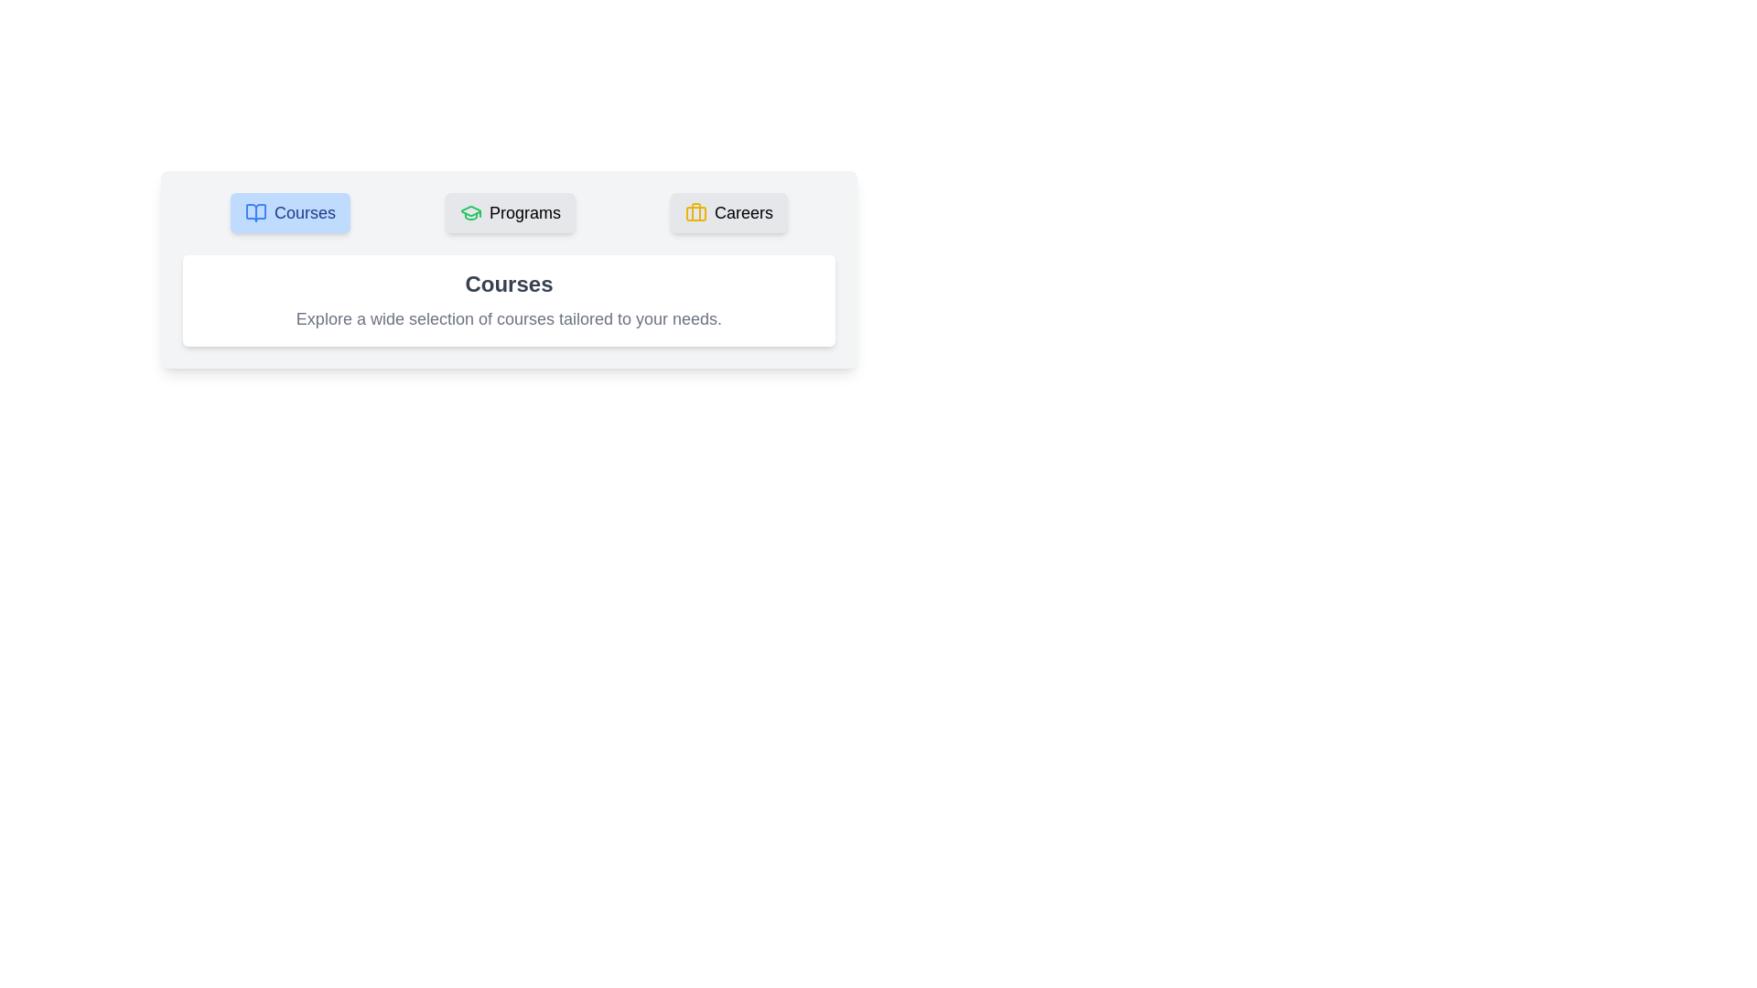 The height and width of the screenshot is (988, 1757). Describe the element at coordinates (728, 211) in the screenshot. I see `the tab labeled Careers` at that location.